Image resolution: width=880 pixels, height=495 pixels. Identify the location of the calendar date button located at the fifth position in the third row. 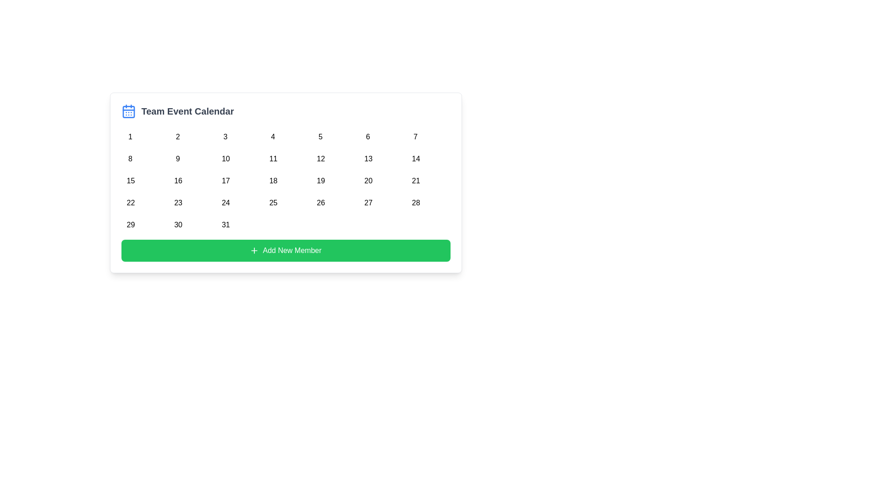
(320, 179).